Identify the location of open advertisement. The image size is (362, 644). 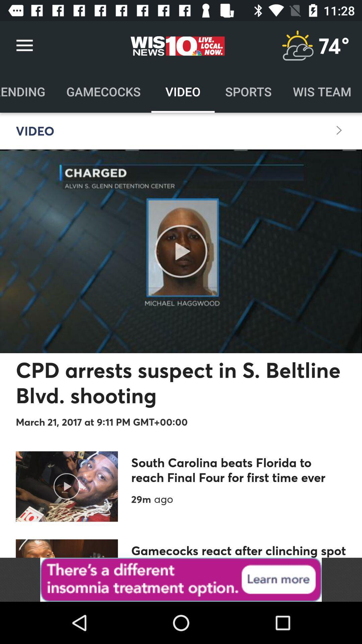
(181, 579).